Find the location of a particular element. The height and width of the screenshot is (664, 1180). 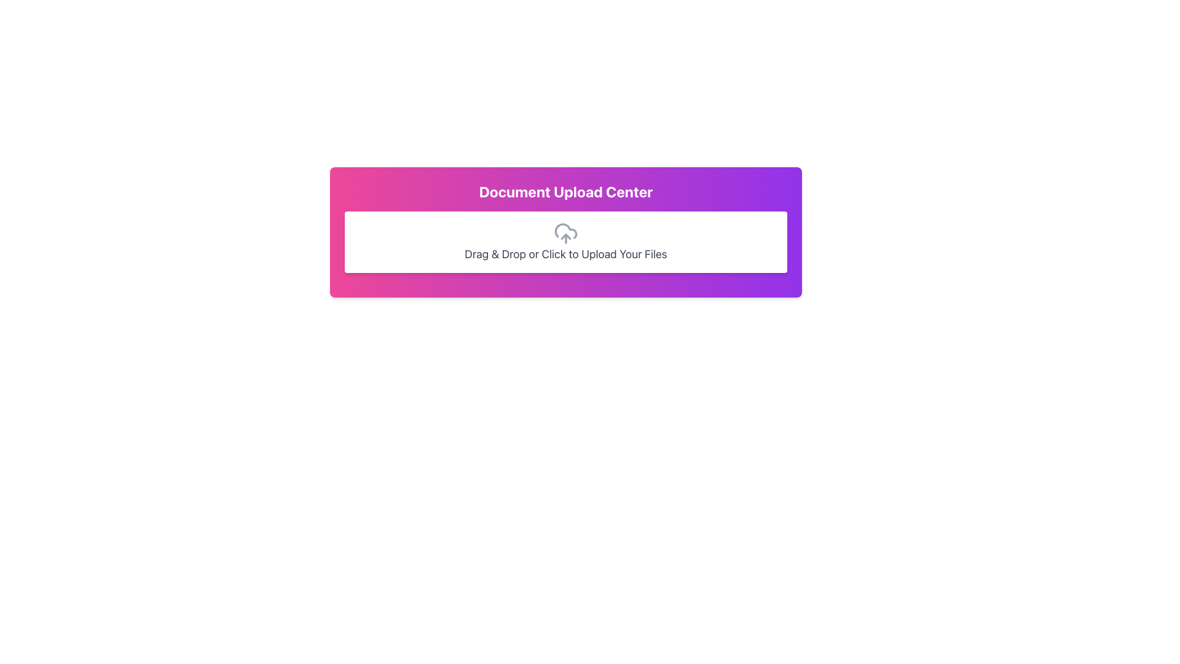

the 'Document Upload Center' text label, which is a bold and large font styled element located at the top of a gradient background panel transitioning from pink to purple is located at coordinates (565, 192).